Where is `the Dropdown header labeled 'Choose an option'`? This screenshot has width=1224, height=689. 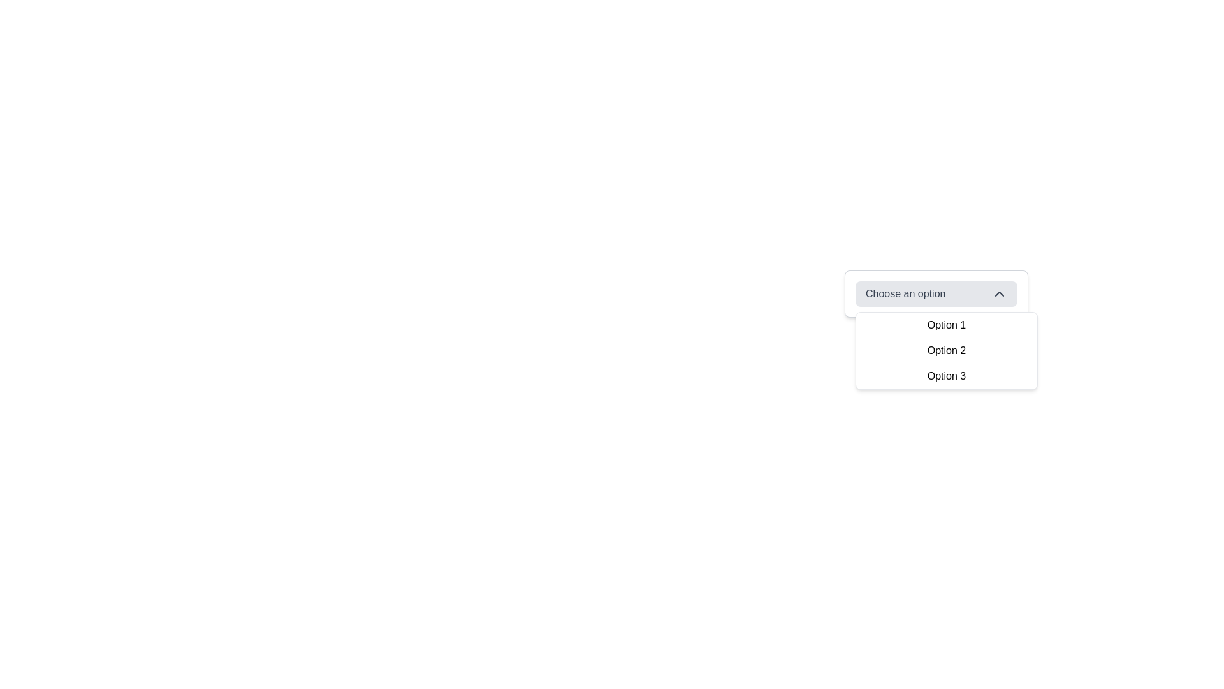 the Dropdown header labeled 'Choose an option' is located at coordinates (936, 294).